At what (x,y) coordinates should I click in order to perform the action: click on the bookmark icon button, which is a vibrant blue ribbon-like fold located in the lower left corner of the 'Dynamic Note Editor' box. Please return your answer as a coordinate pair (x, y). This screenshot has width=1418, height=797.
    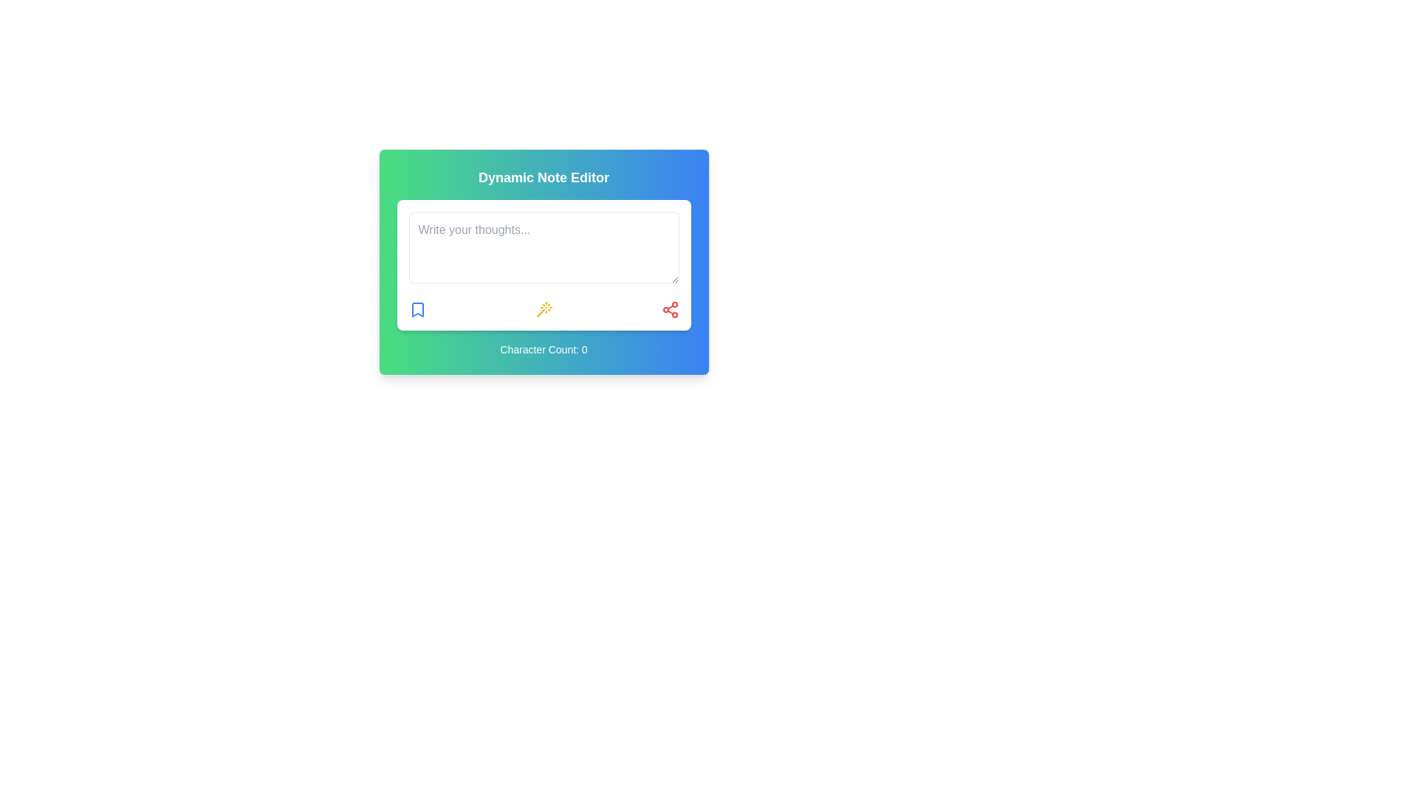
    Looking at the image, I should click on (417, 309).